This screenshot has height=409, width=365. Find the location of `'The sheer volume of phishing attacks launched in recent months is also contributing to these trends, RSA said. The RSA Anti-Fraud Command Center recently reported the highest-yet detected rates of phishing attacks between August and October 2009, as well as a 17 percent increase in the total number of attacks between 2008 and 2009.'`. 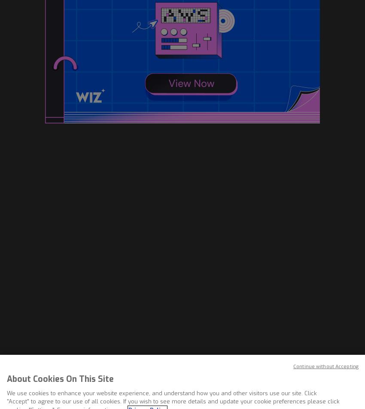

'The sheer volume of phishing attacks launched in recent months is also contributing to these trends, RSA said. The RSA Anti-Fraud Command Center recently reported the highest-yet detected rates of phishing attacks between August and October 2009, as well as a 17 percent increase in the total number of attacks between 2008 and 2009.' is located at coordinates (182, 108).